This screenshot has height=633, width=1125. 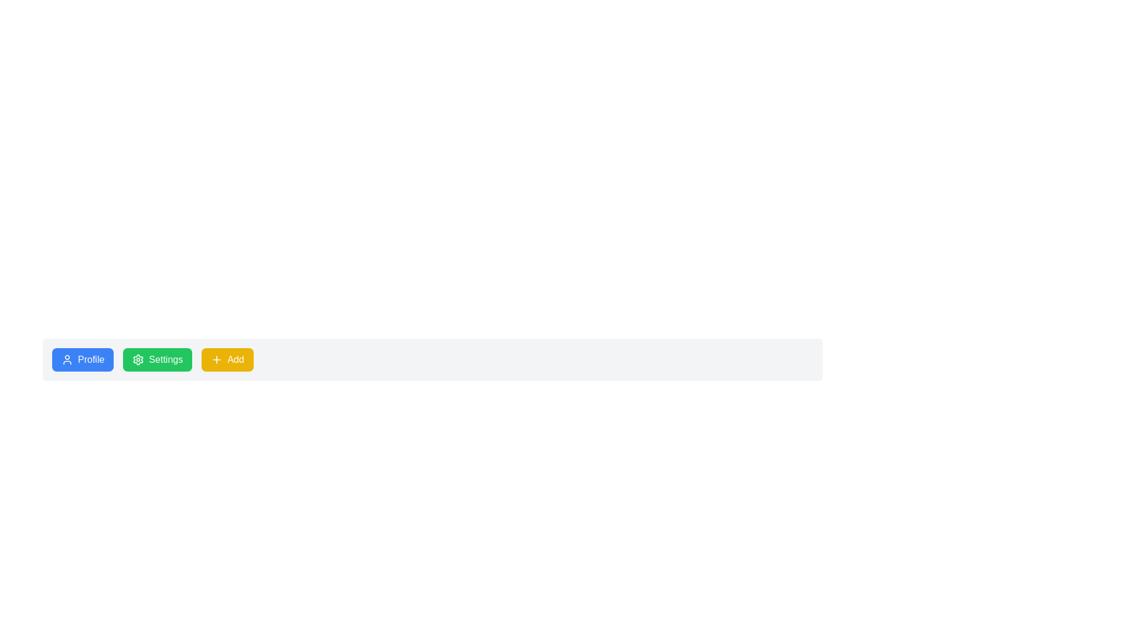 I want to click on the plus icon located within the 'Add' button next to 'Settings' in the navigation bar, so click(x=217, y=359).